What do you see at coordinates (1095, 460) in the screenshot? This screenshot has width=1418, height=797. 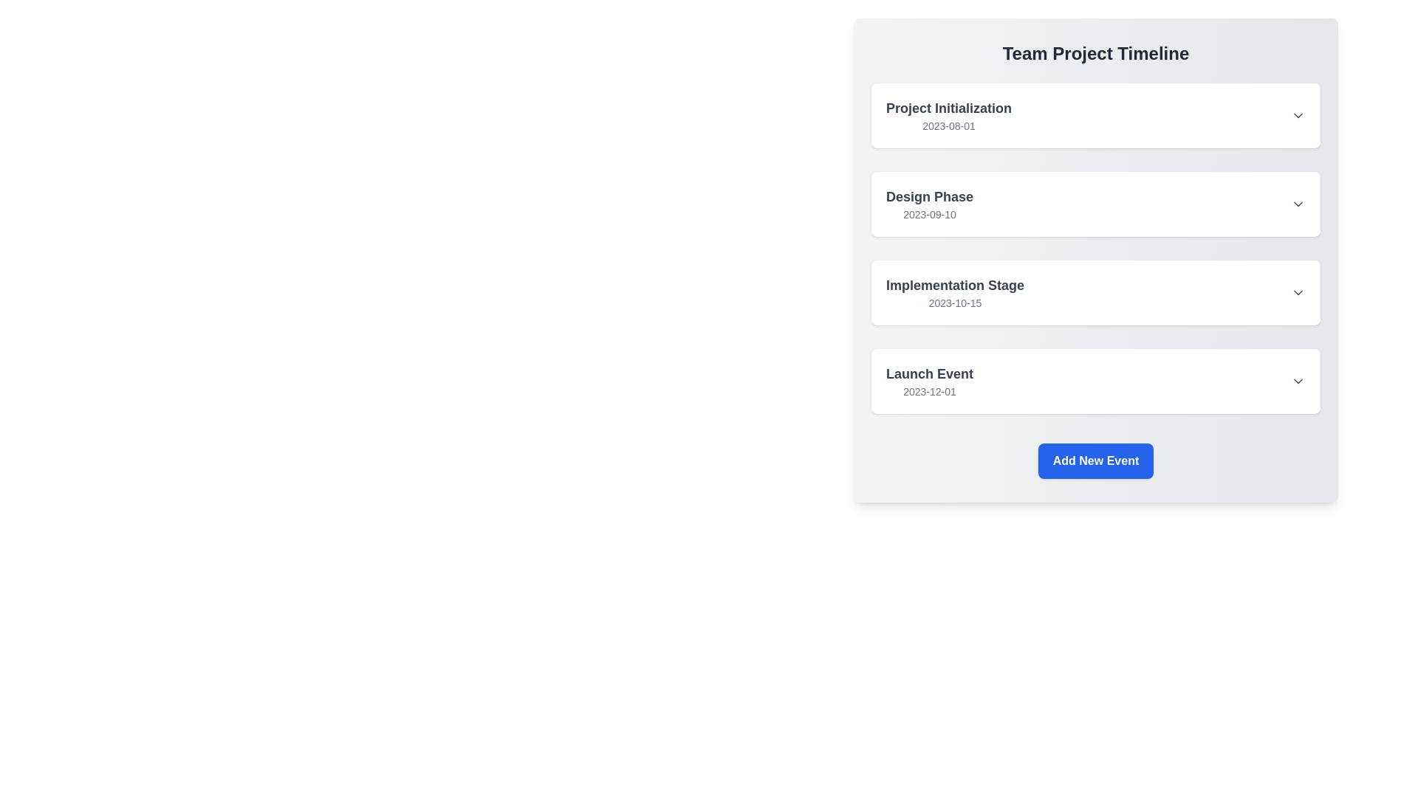 I see `the blue button labeled 'Add New Event'` at bounding box center [1095, 460].